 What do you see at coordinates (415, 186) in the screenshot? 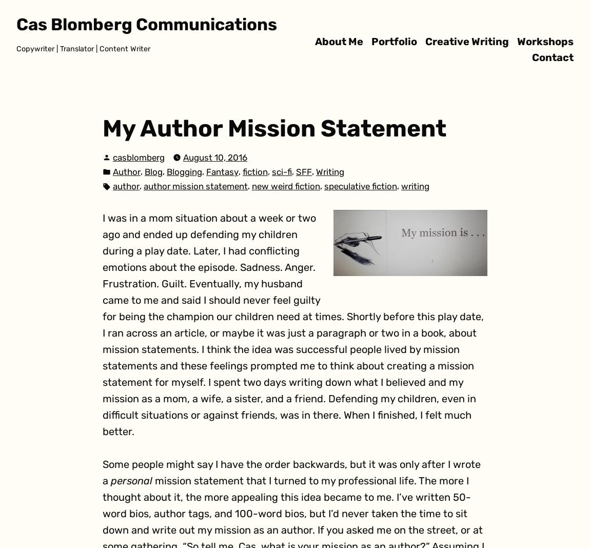
I see `'writing'` at bounding box center [415, 186].